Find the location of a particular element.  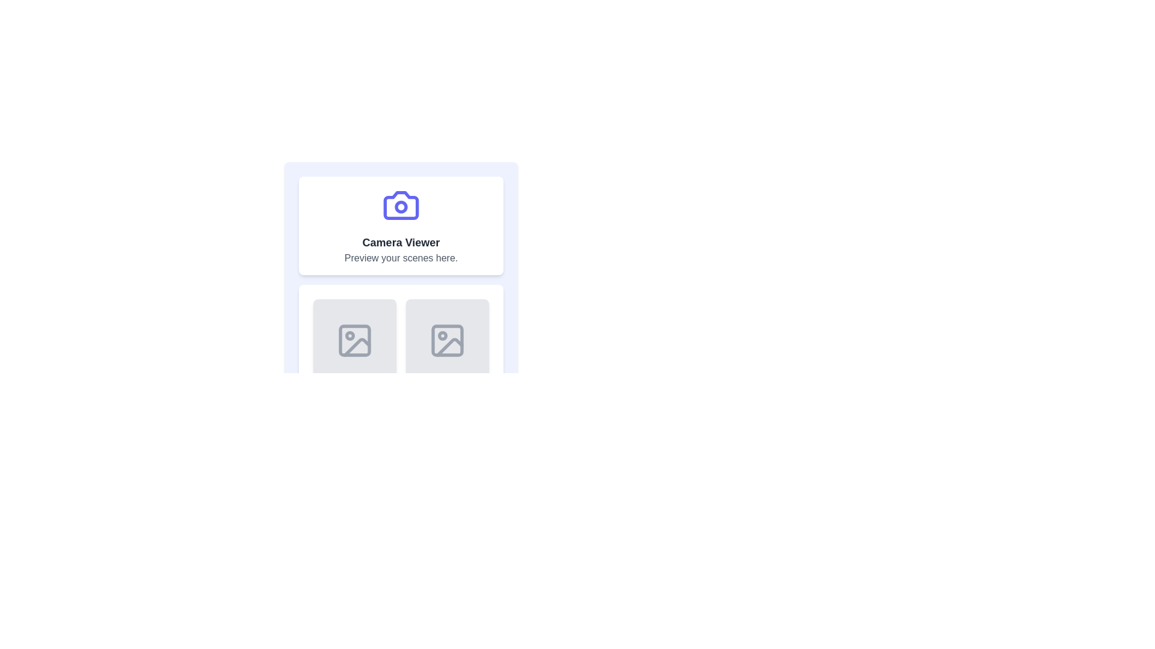

the small circular dot located at the center of the camera icon with an indigo outline in the 'Camera Viewer' card is located at coordinates (401, 206).